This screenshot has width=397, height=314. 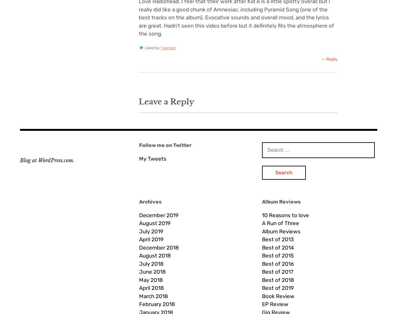 I want to click on 'August 2019', so click(x=154, y=223).